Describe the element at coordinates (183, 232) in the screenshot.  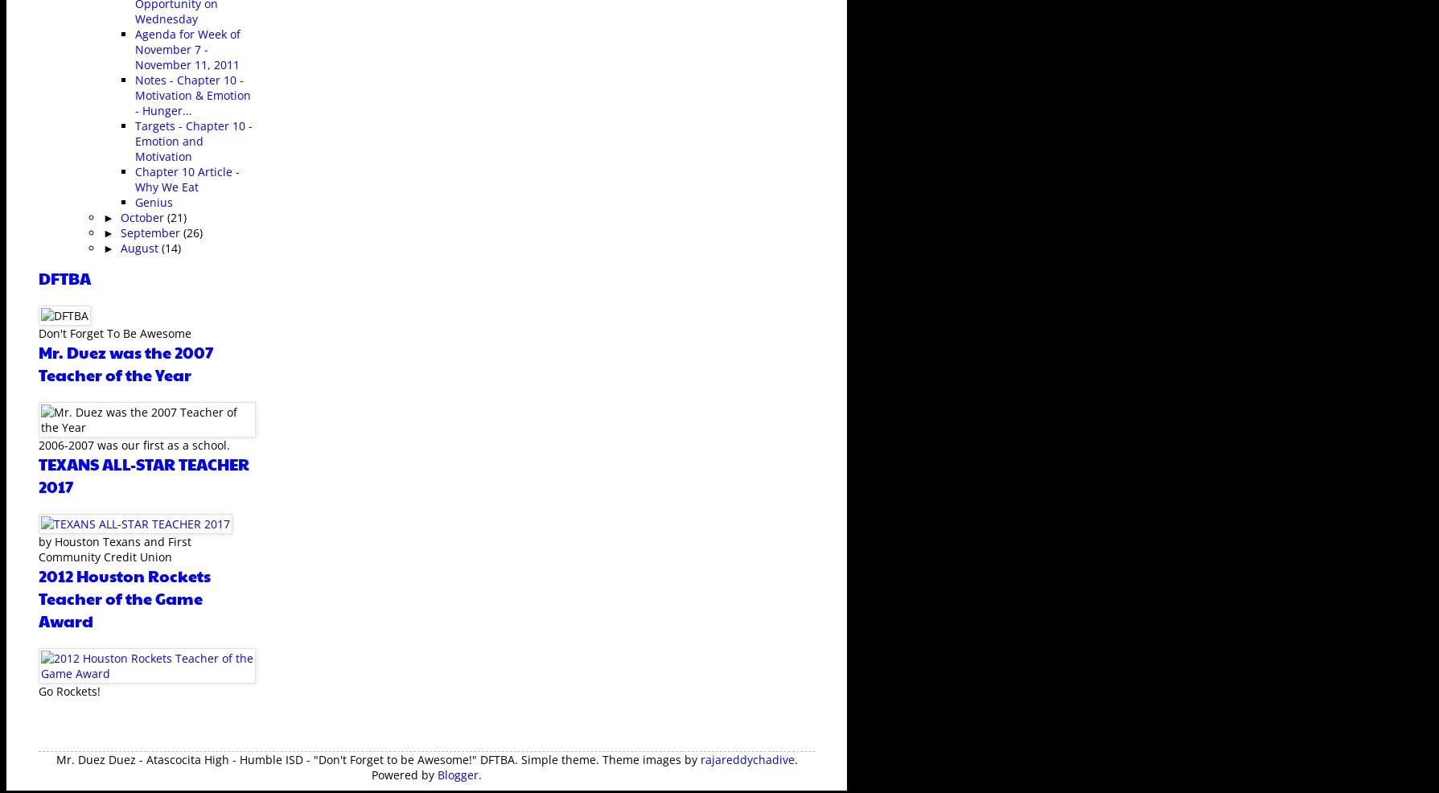
I see `'(26)'` at that location.